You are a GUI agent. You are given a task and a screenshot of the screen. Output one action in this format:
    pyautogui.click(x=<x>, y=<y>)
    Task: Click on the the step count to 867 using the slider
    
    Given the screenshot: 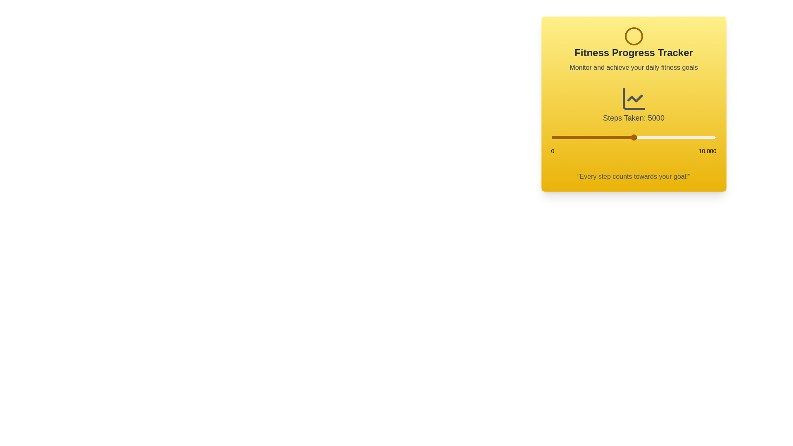 What is the action you would take?
    pyautogui.click(x=565, y=137)
    